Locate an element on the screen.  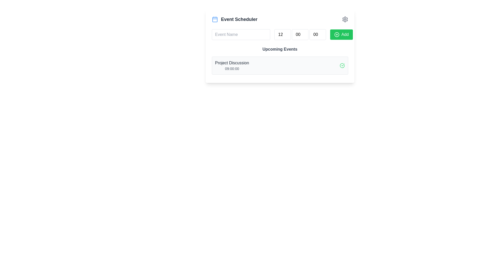
the numeric input box used for inputting or displaying the seconds component of a time value is located at coordinates (317, 35).